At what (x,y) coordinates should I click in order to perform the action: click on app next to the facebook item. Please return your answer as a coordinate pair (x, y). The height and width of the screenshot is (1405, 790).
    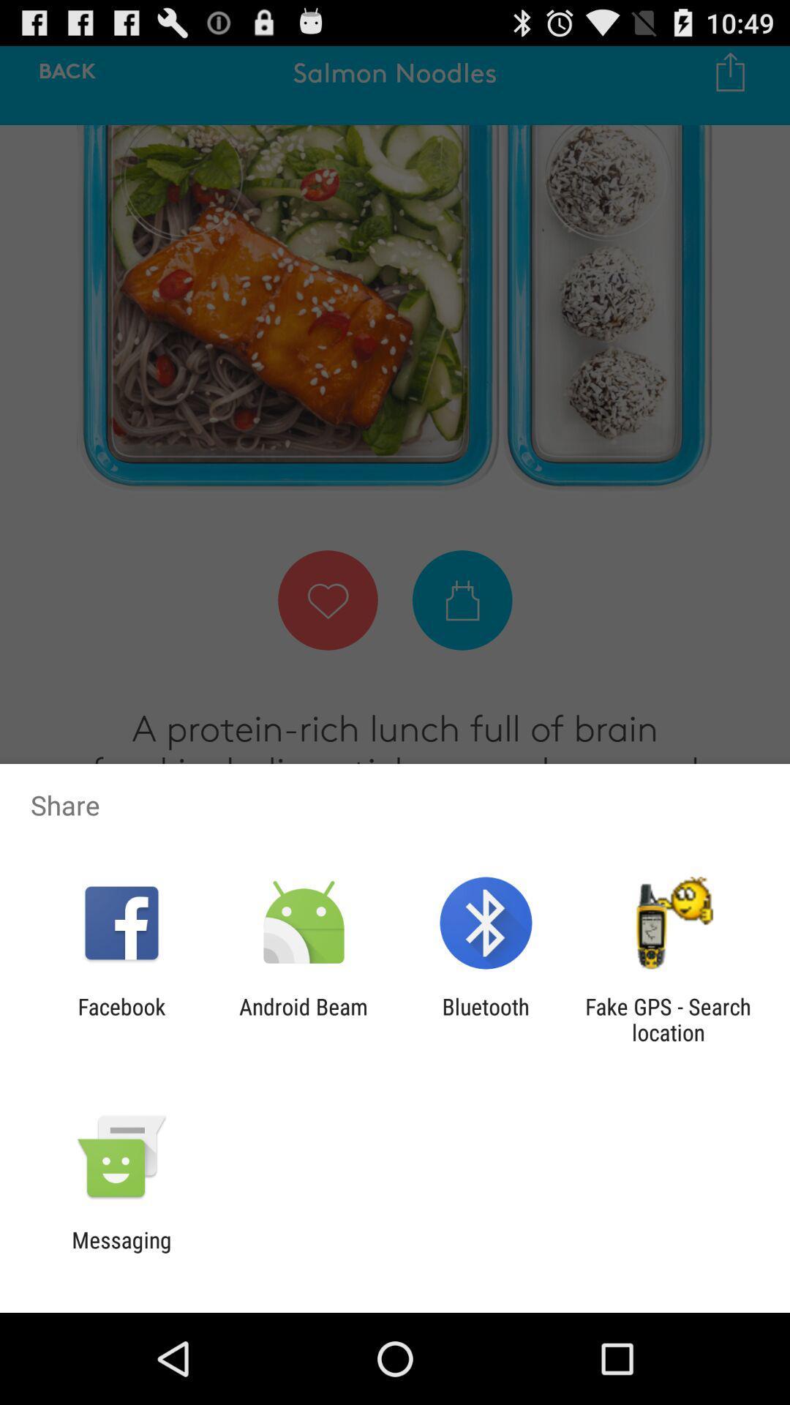
    Looking at the image, I should click on (303, 1019).